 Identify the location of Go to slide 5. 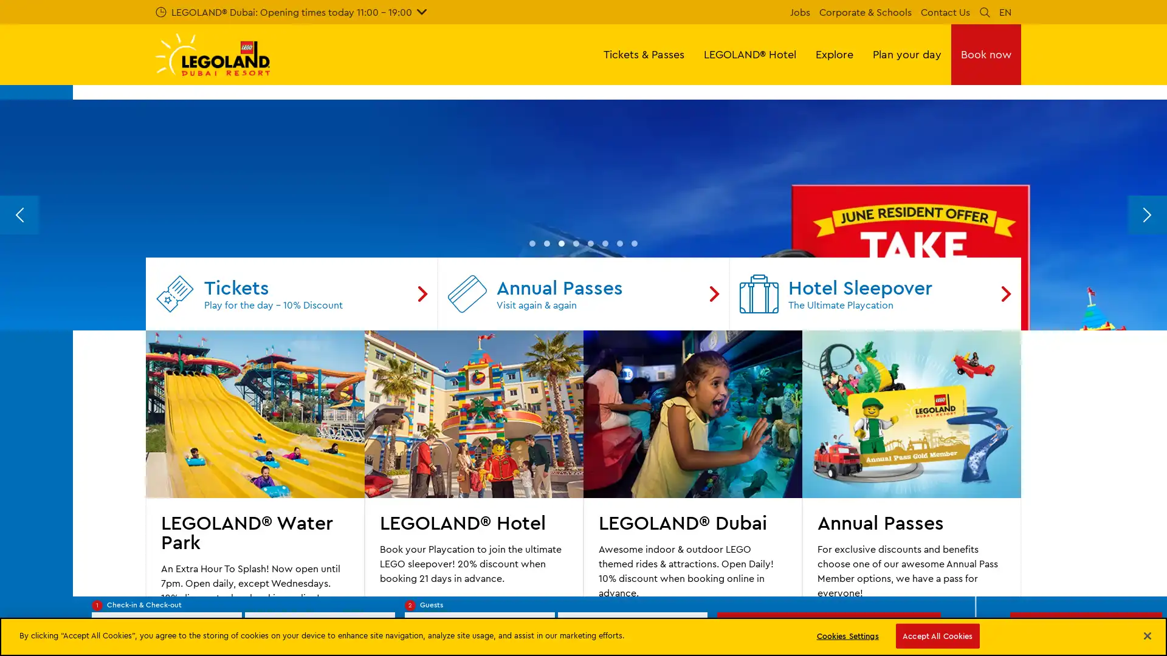
(590, 484).